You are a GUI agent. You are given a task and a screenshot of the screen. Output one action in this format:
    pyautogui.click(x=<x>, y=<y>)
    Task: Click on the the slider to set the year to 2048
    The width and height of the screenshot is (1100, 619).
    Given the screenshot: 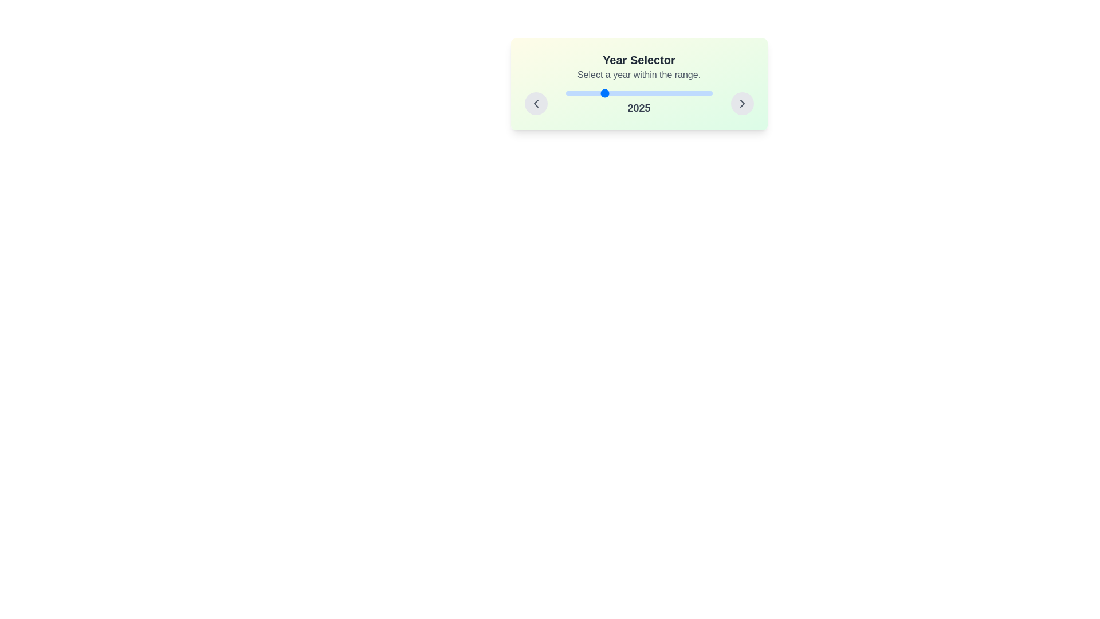 What is the action you would take?
    pyautogui.click(x=635, y=92)
    